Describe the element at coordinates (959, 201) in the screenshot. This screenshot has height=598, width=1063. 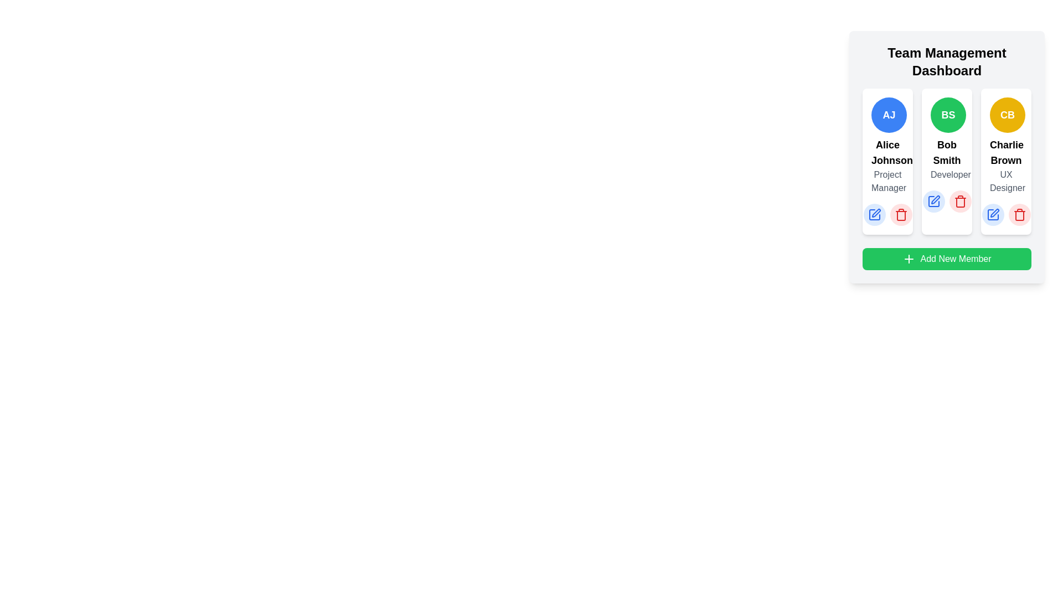
I see `the delete button located beneath the profile information of 'Bob Smith, Developer' in the Team Management Dashboard` at that location.